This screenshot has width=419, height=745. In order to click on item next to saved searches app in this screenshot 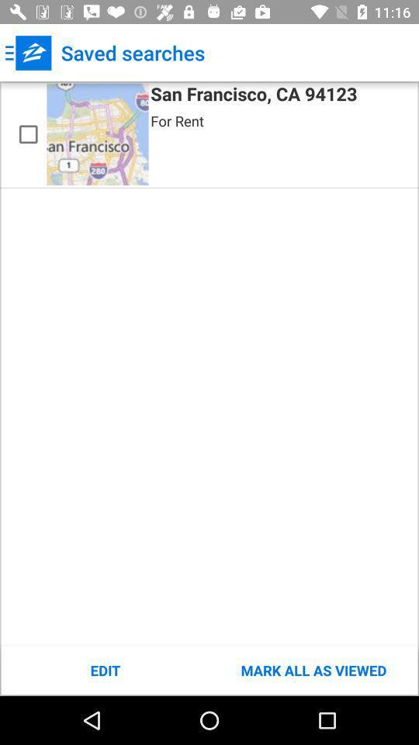, I will do `click(28, 53)`.